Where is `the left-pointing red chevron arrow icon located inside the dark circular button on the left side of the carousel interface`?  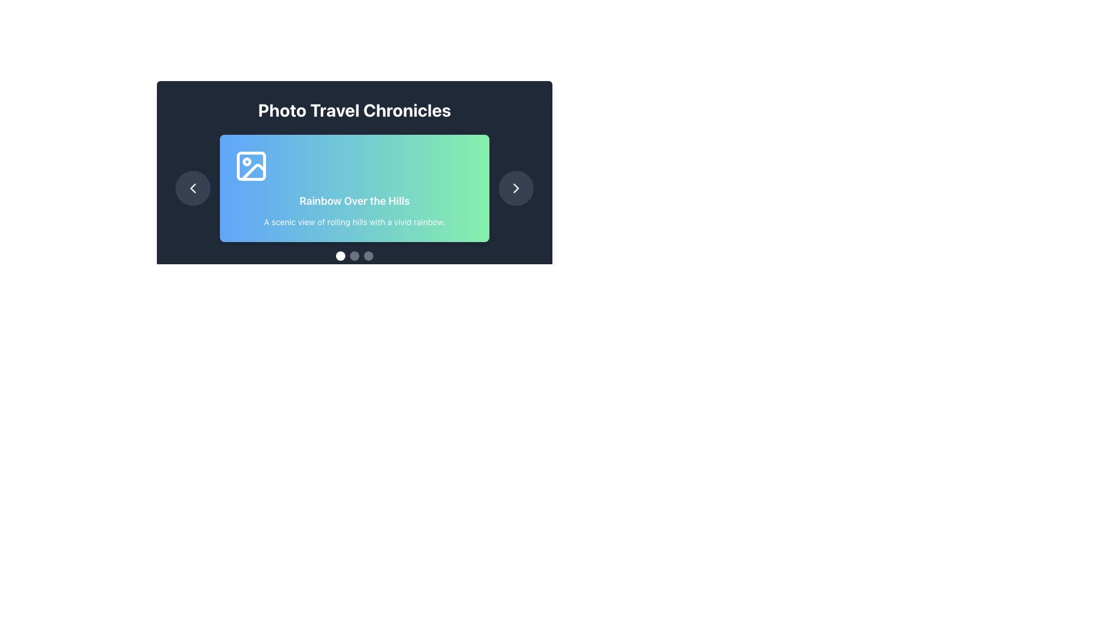 the left-pointing red chevron arrow icon located inside the dark circular button on the left side of the carousel interface is located at coordinates (193, 188).